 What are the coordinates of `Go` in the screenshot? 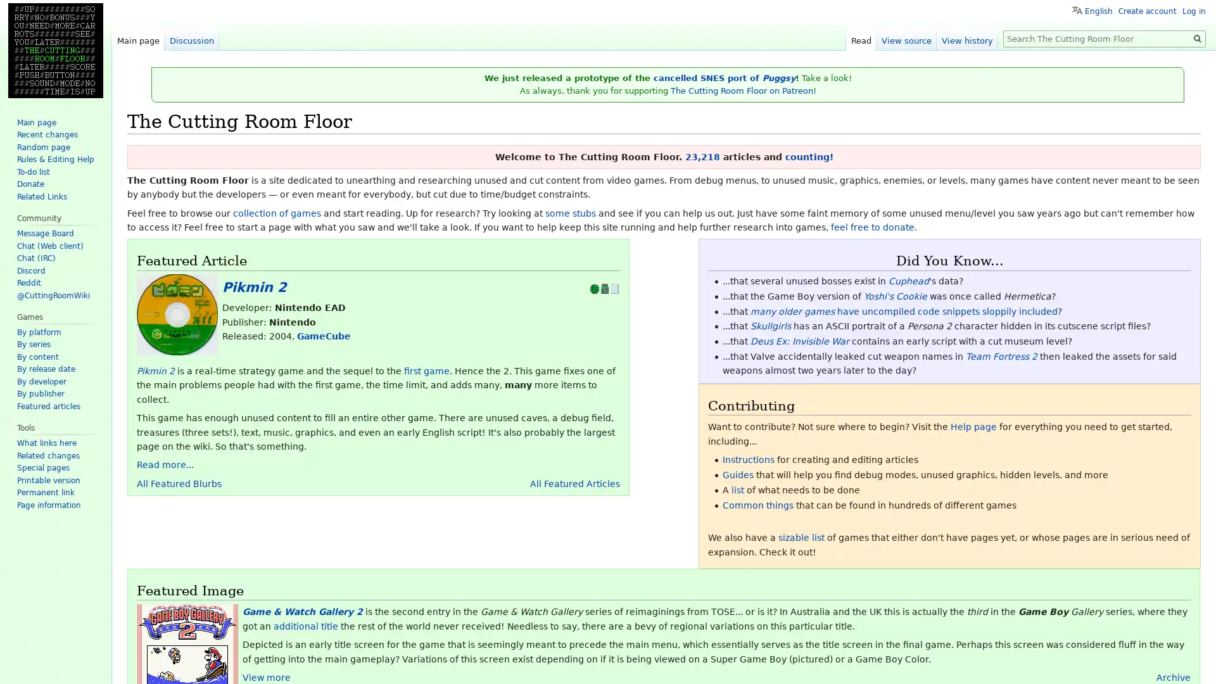 It's located at (1197, 38).